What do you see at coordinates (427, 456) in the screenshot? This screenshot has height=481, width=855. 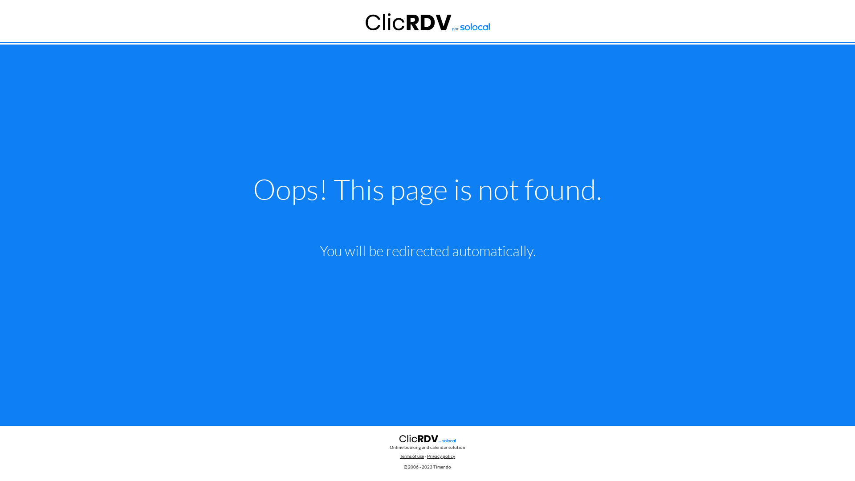 I see `'Privacy policy'` at bounding box center [427, 456].